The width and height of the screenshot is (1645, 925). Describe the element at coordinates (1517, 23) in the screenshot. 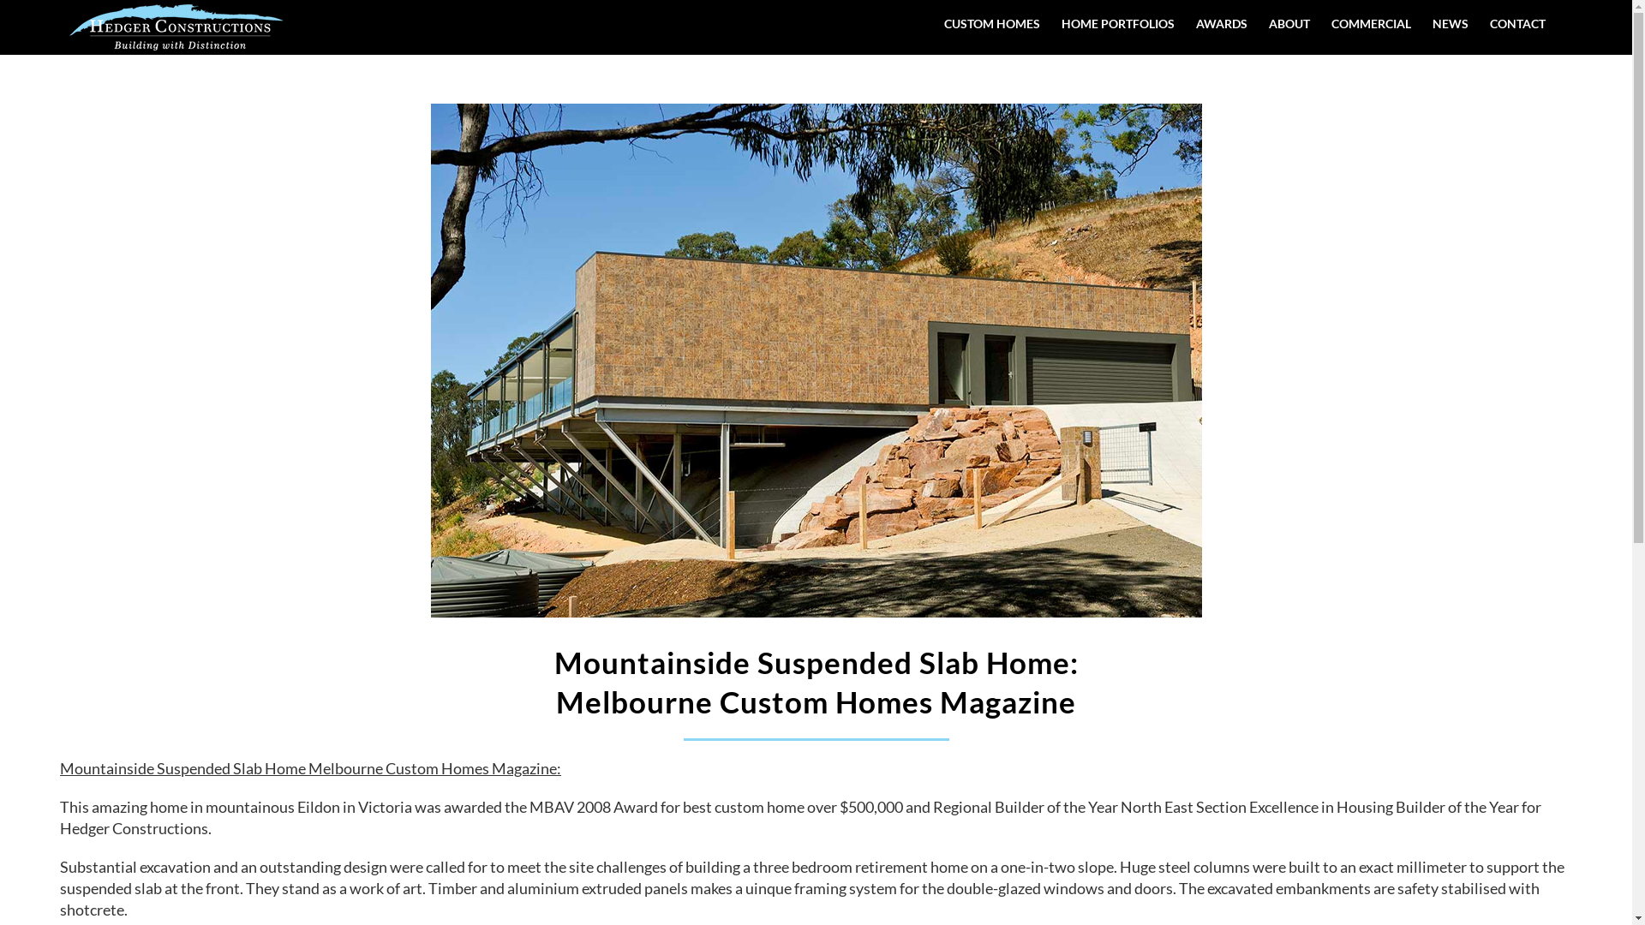

I see `'CONTACT'` at that location.